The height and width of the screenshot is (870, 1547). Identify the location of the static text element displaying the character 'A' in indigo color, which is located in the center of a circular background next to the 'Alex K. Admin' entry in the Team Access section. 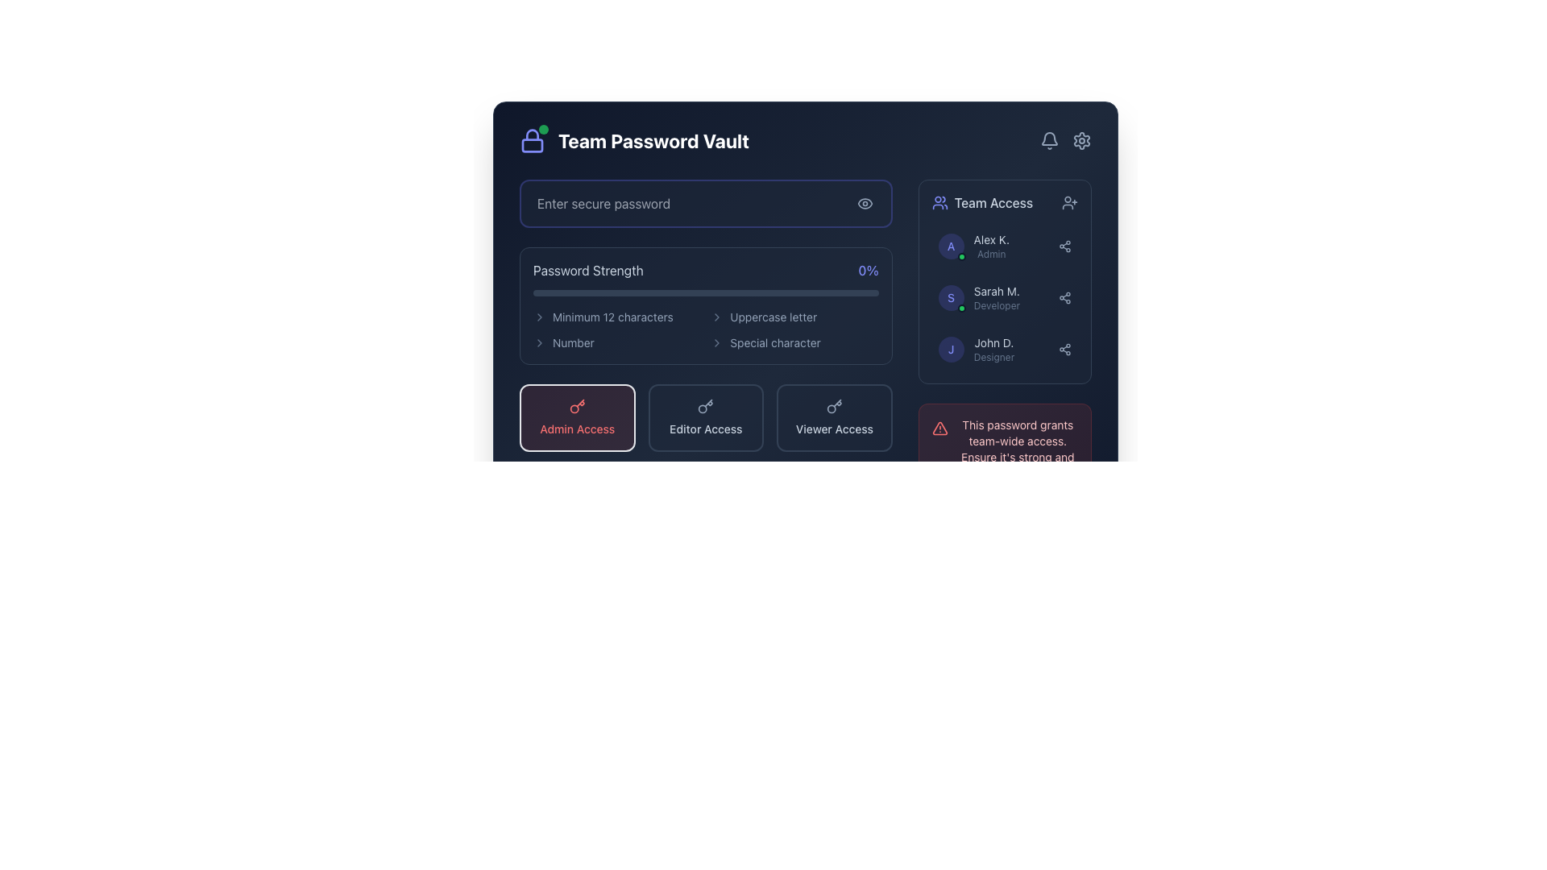
(951, 246).